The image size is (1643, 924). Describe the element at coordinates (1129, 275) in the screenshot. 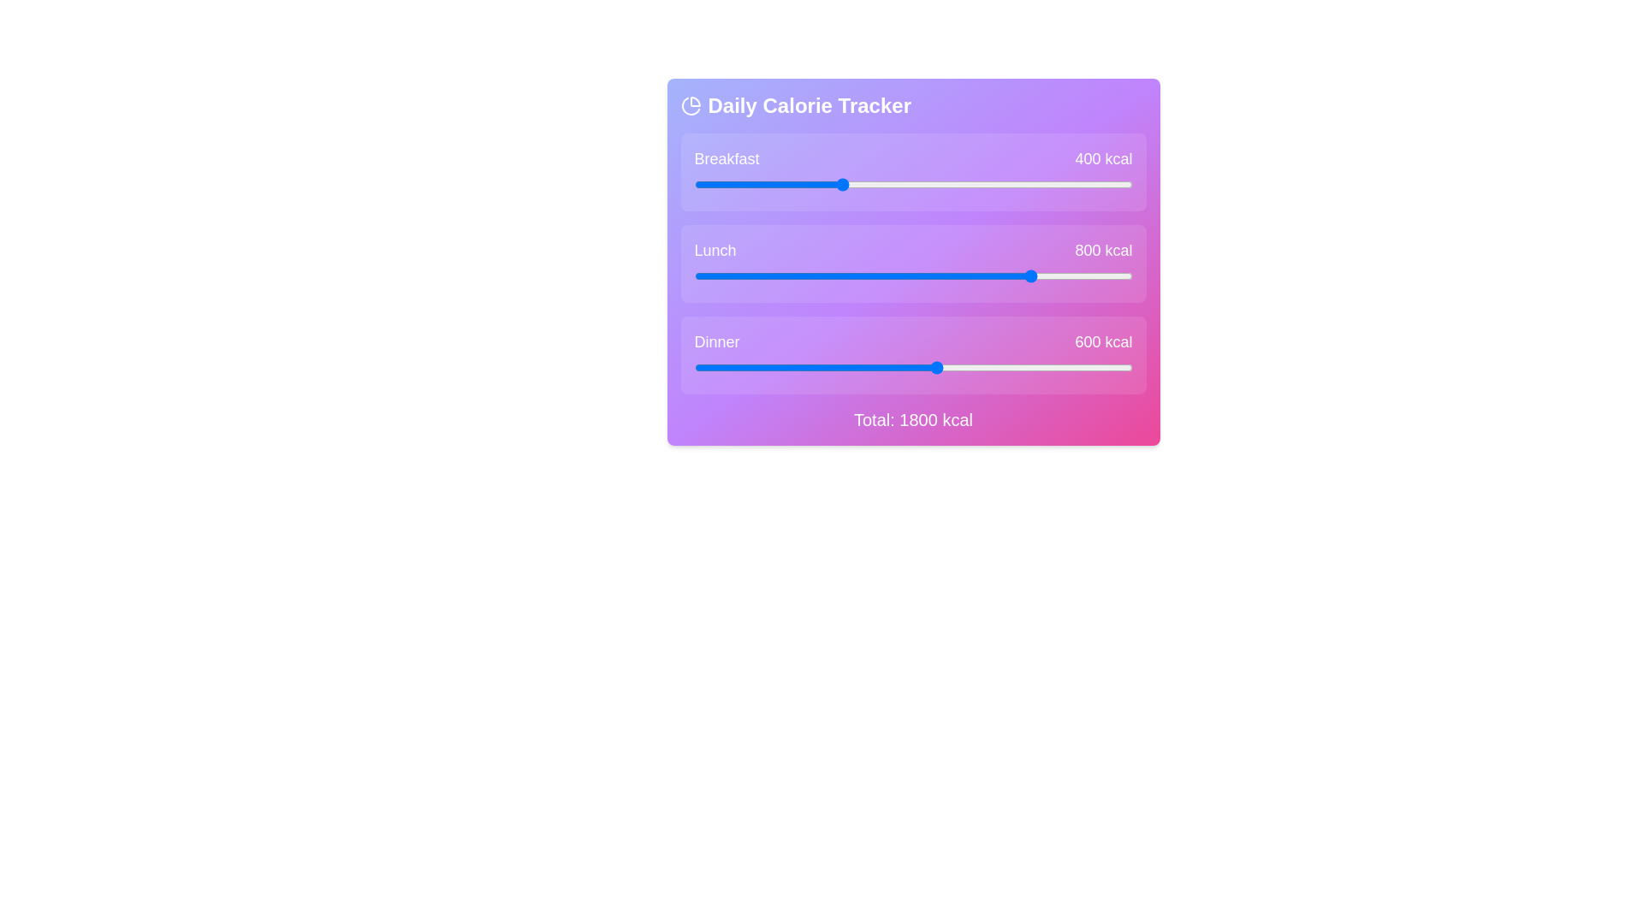

I see `the lunch calorie value` at that location.